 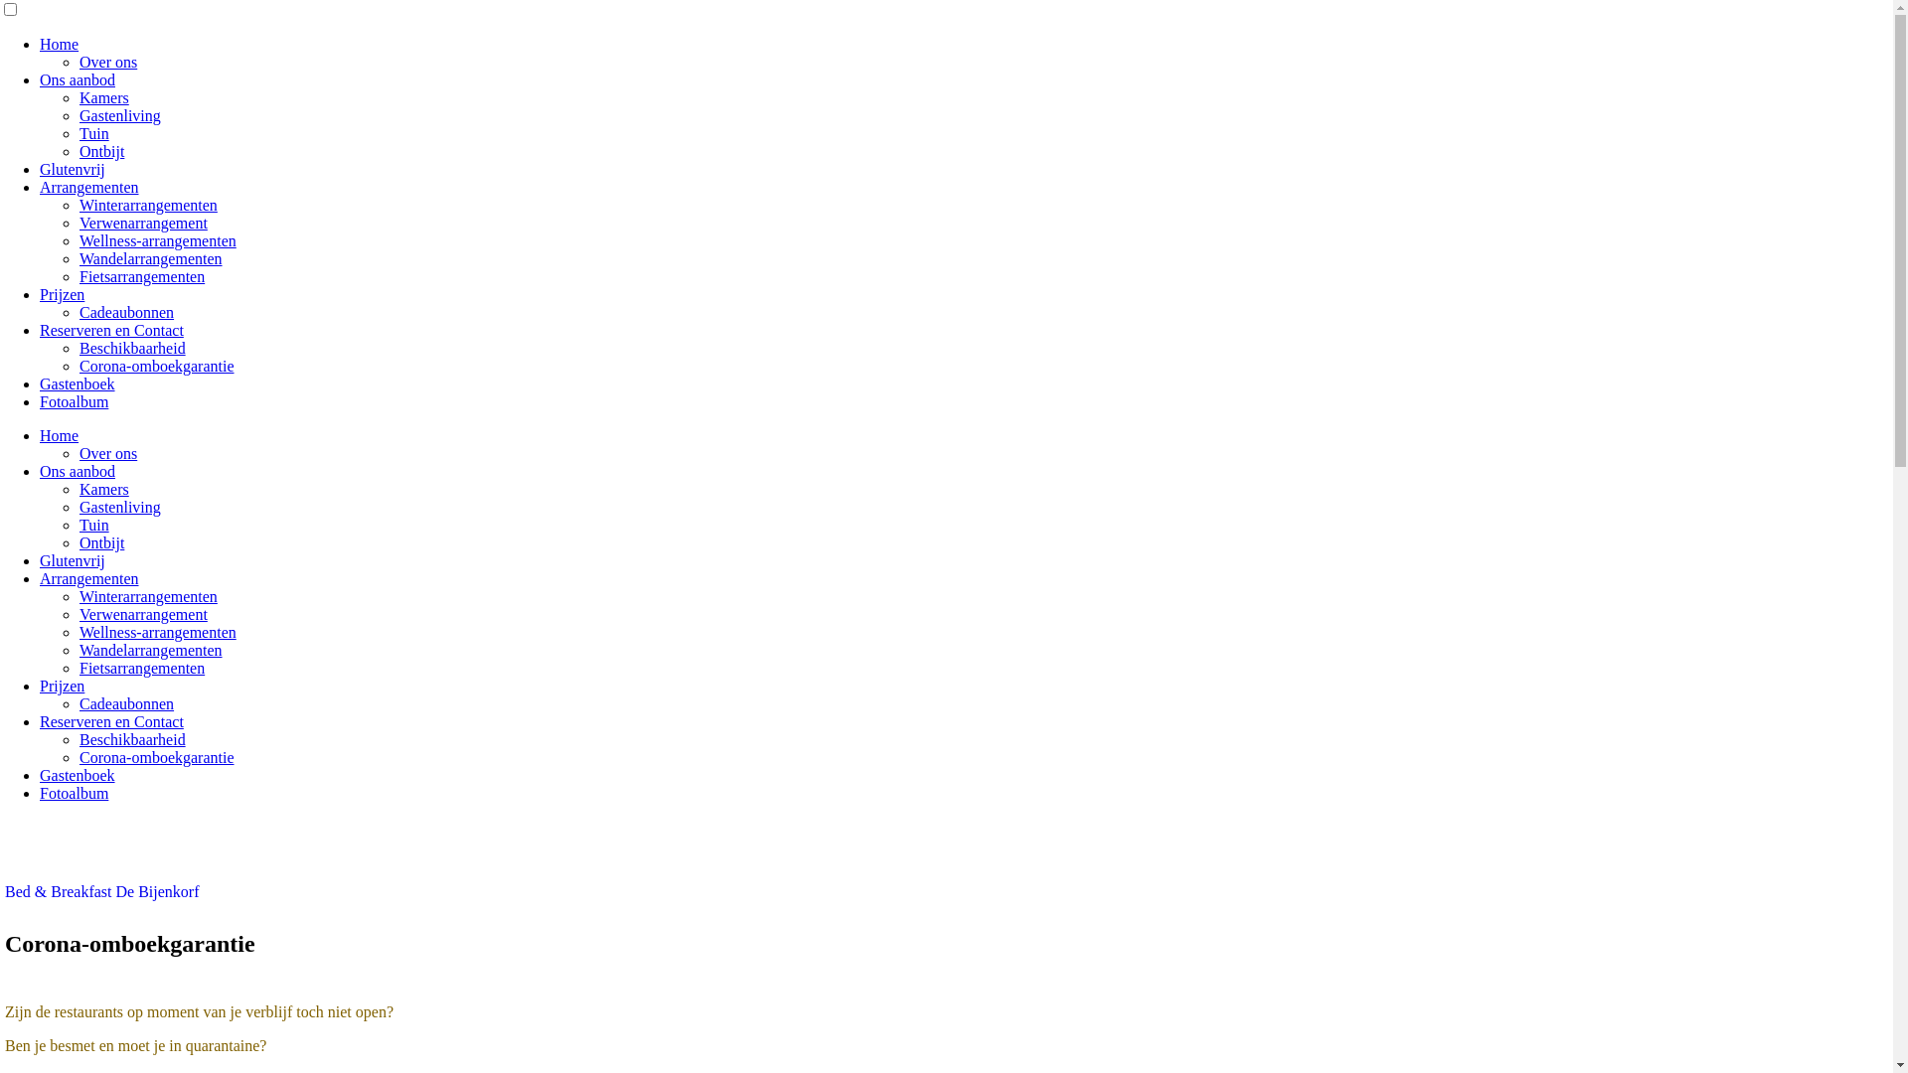 What do you see at coordinates (141, 668) in the screenshot?
I see `'Fietsarrangementen'` at bounding box center [141, 668].